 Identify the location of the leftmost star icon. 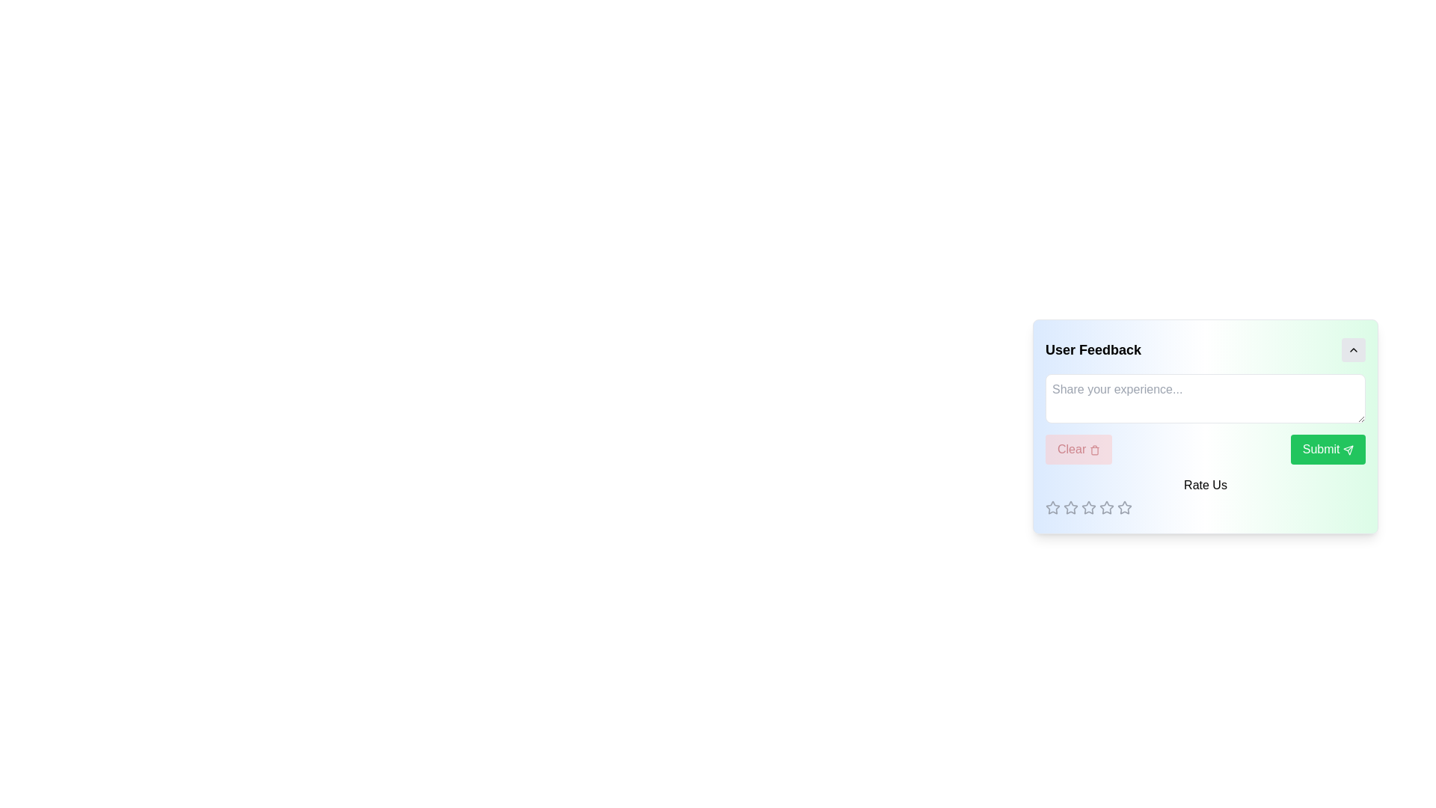
(1087, 506).